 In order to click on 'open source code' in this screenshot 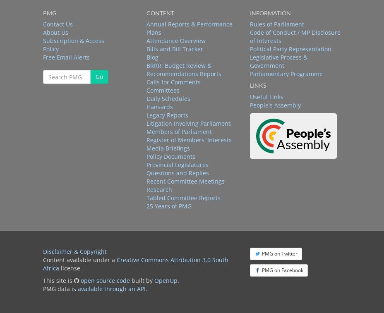, I will do `click(80, 280)`.